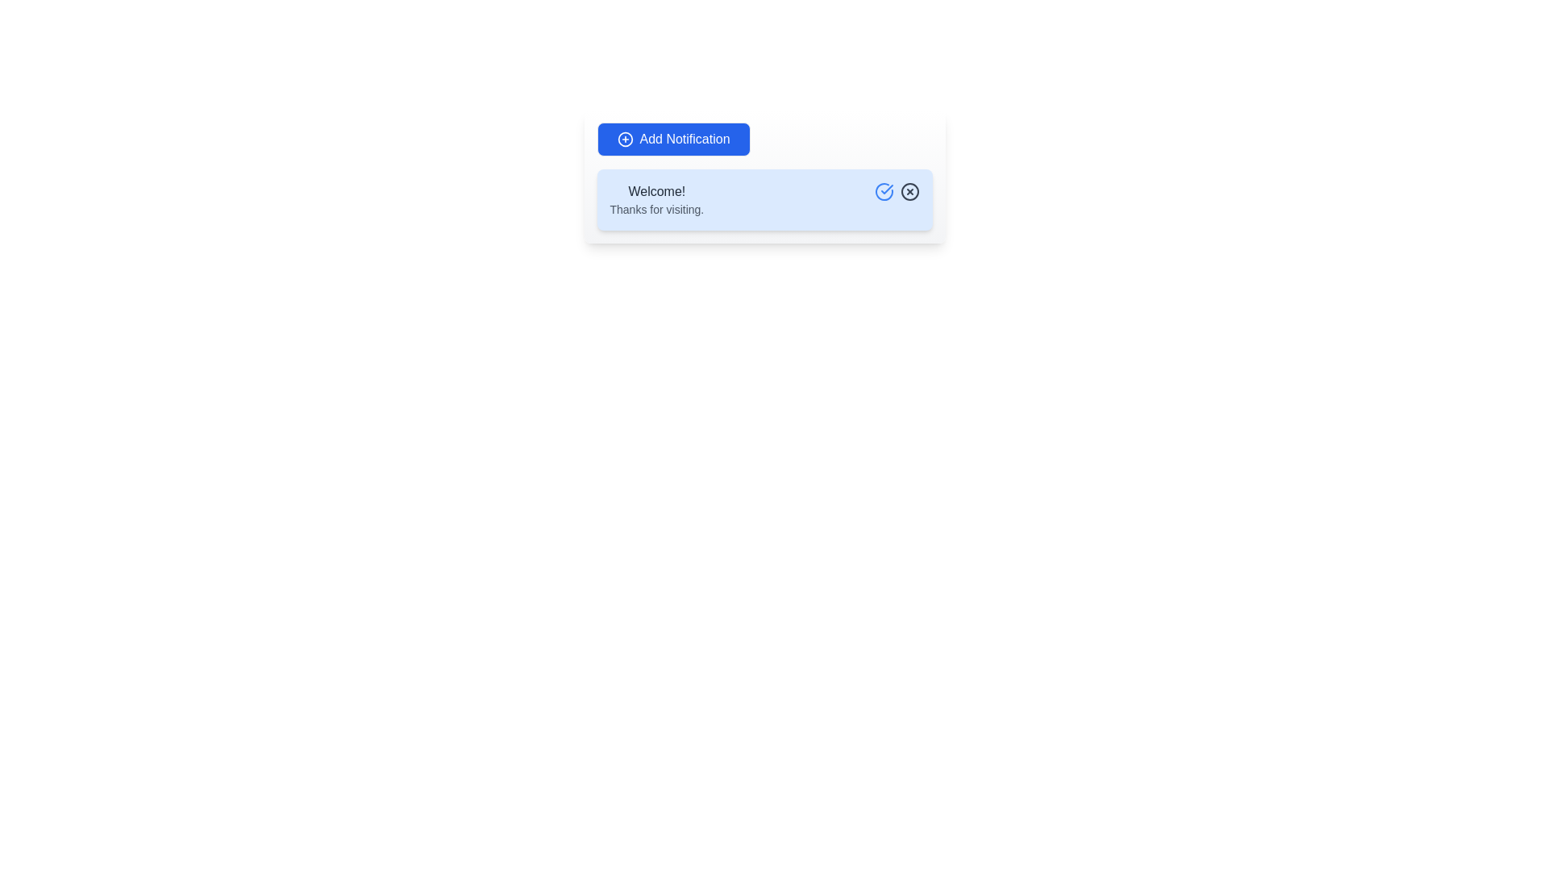  Describe the element at coordinates (685, 139) in the screenshot. I see `the text label 'Add Notification' which is positioned to the right of a plus sign icon in the button element` at that location.